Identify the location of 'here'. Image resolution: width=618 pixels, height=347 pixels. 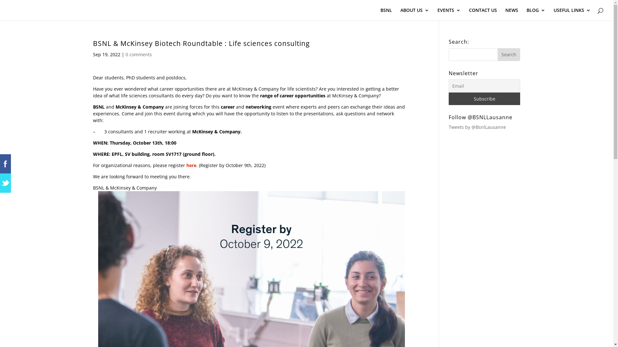
(191, 165).